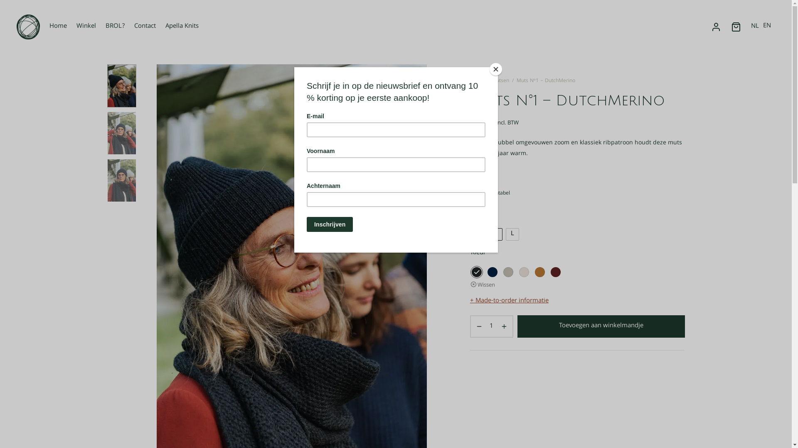 The image size is (798, 448). Describe the element at coordinates (540, 272) in the screenshot. I see `'Okergeel'` at that location.